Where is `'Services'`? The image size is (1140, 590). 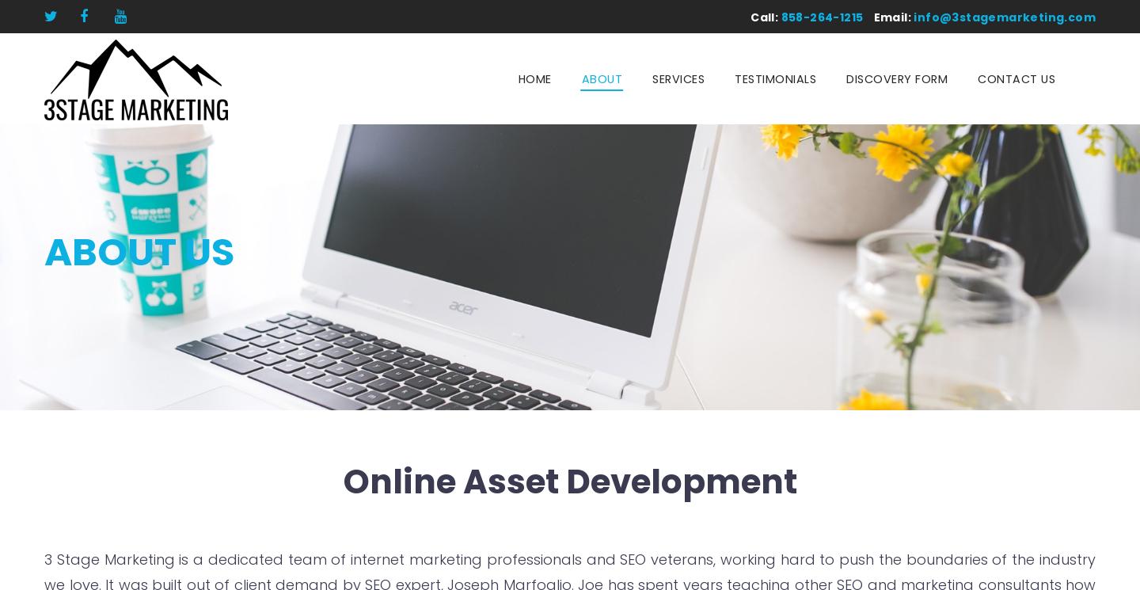 'Services' is located at coordinates (677, 78).